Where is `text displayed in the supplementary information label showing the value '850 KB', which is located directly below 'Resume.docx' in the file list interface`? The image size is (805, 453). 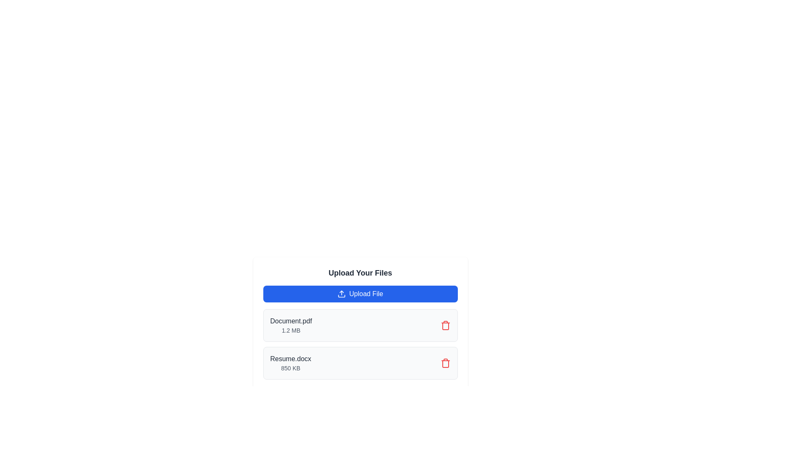 text displayed in the supplementary information label showing the value '850 KB', which is located directly below 'Resume.docx' in the file list interface is located at coordinates (291, 368).